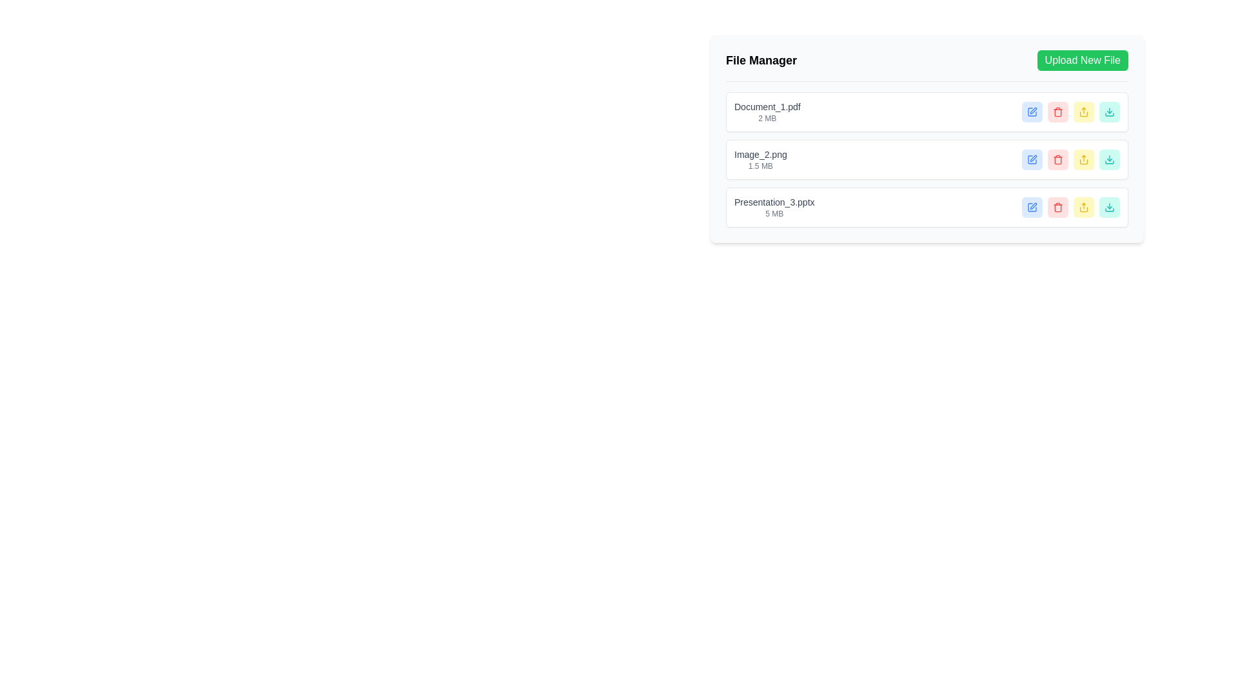 The width and height of the screenshot is (1238, 696). What do you see at coordinates (1058, 206) in the screenshot?
I see `the delete button located to the right of the file row labeled 'Presentation_3.pptx' in the file manager interface` at bounding box center [1058, 206].